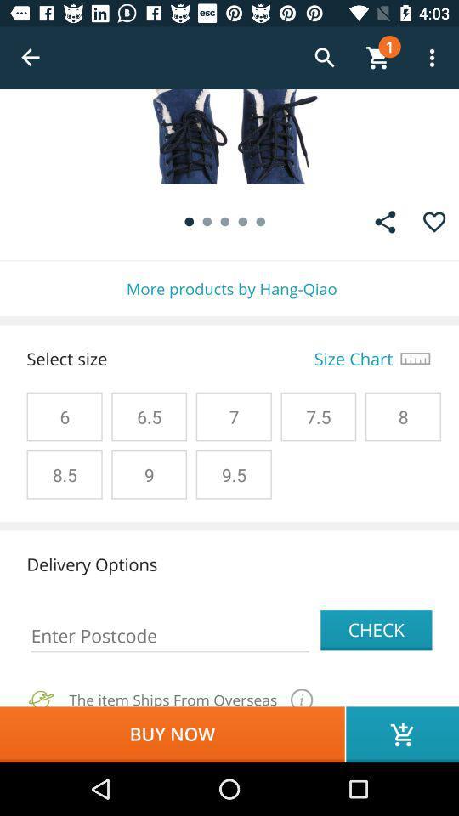 The image size is (459, 816). I want to click on the share icon, so click(385, 221).